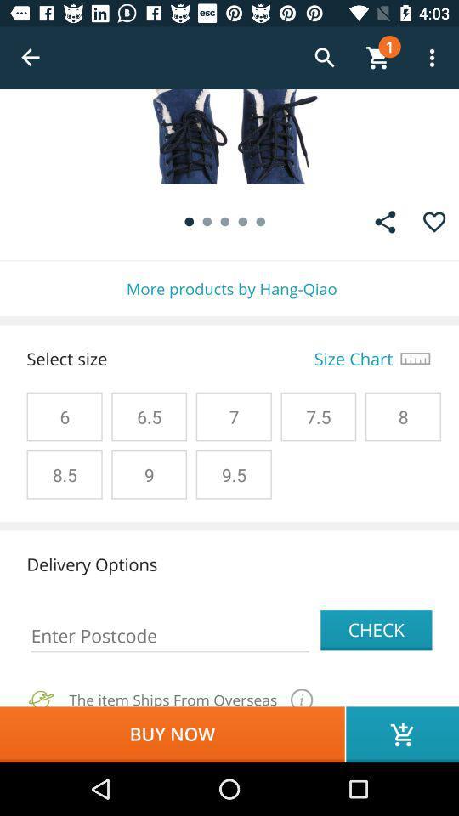 The image size is (459, 816). I want to click on the share icon, so click(385, 221).